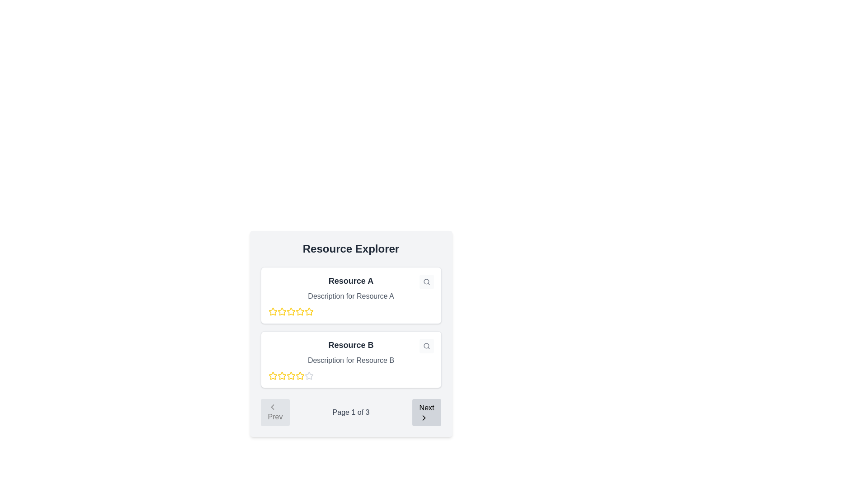 This screenshot has height=488, width=868. Describe the element at coordinates (291, 311) in the screenshot. I see `the fourth star-shaped Rating icon with a yellow outline in the 'Resource A' section of the 'Resource Explorer' interface using keyboard controls` at that location.